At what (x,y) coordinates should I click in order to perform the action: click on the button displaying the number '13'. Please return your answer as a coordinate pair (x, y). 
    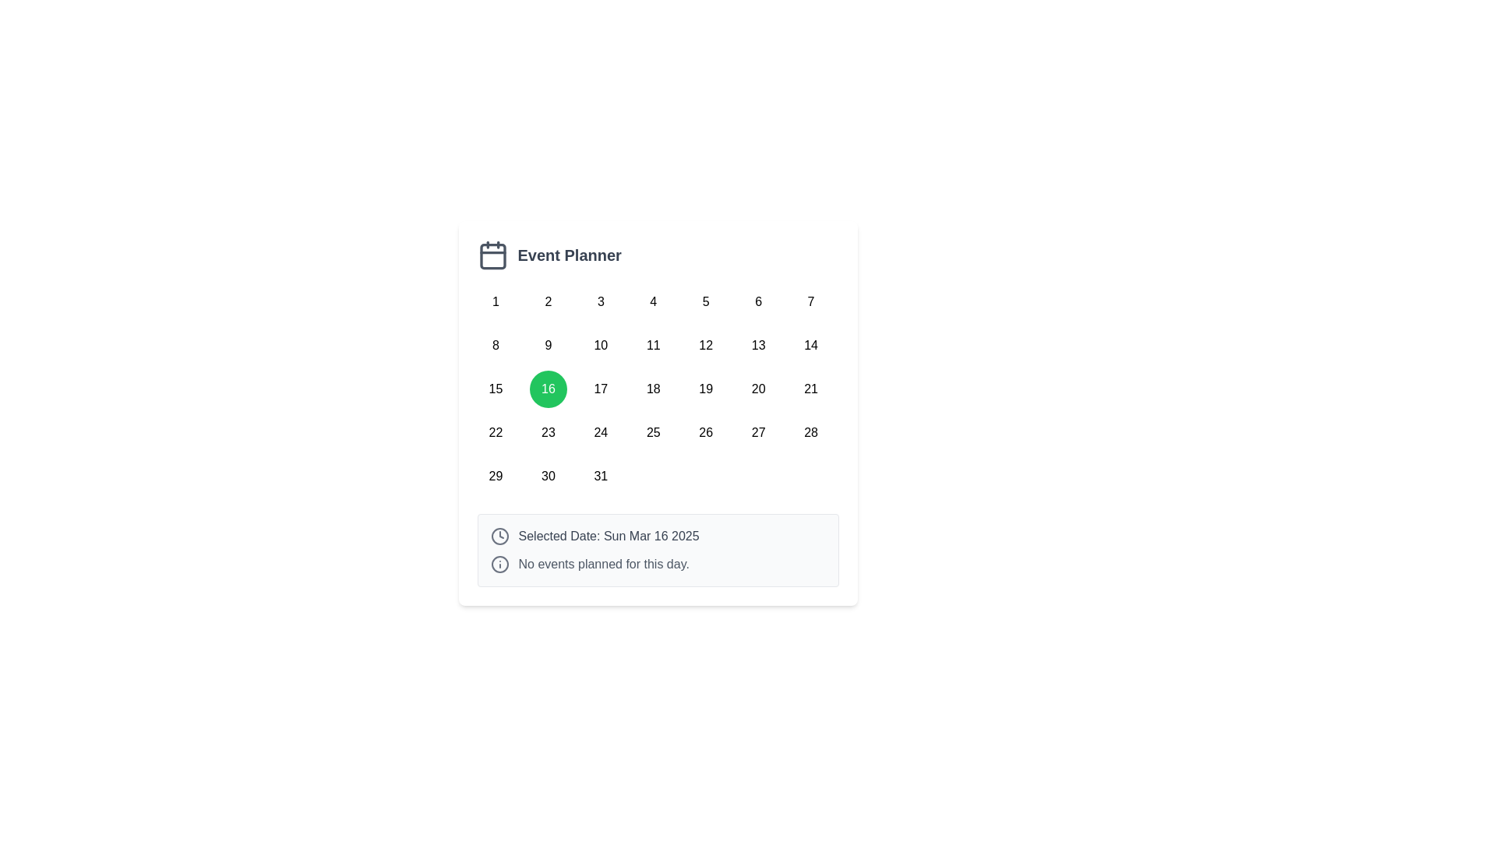
    Looking at the image, I should click on (758, 344).